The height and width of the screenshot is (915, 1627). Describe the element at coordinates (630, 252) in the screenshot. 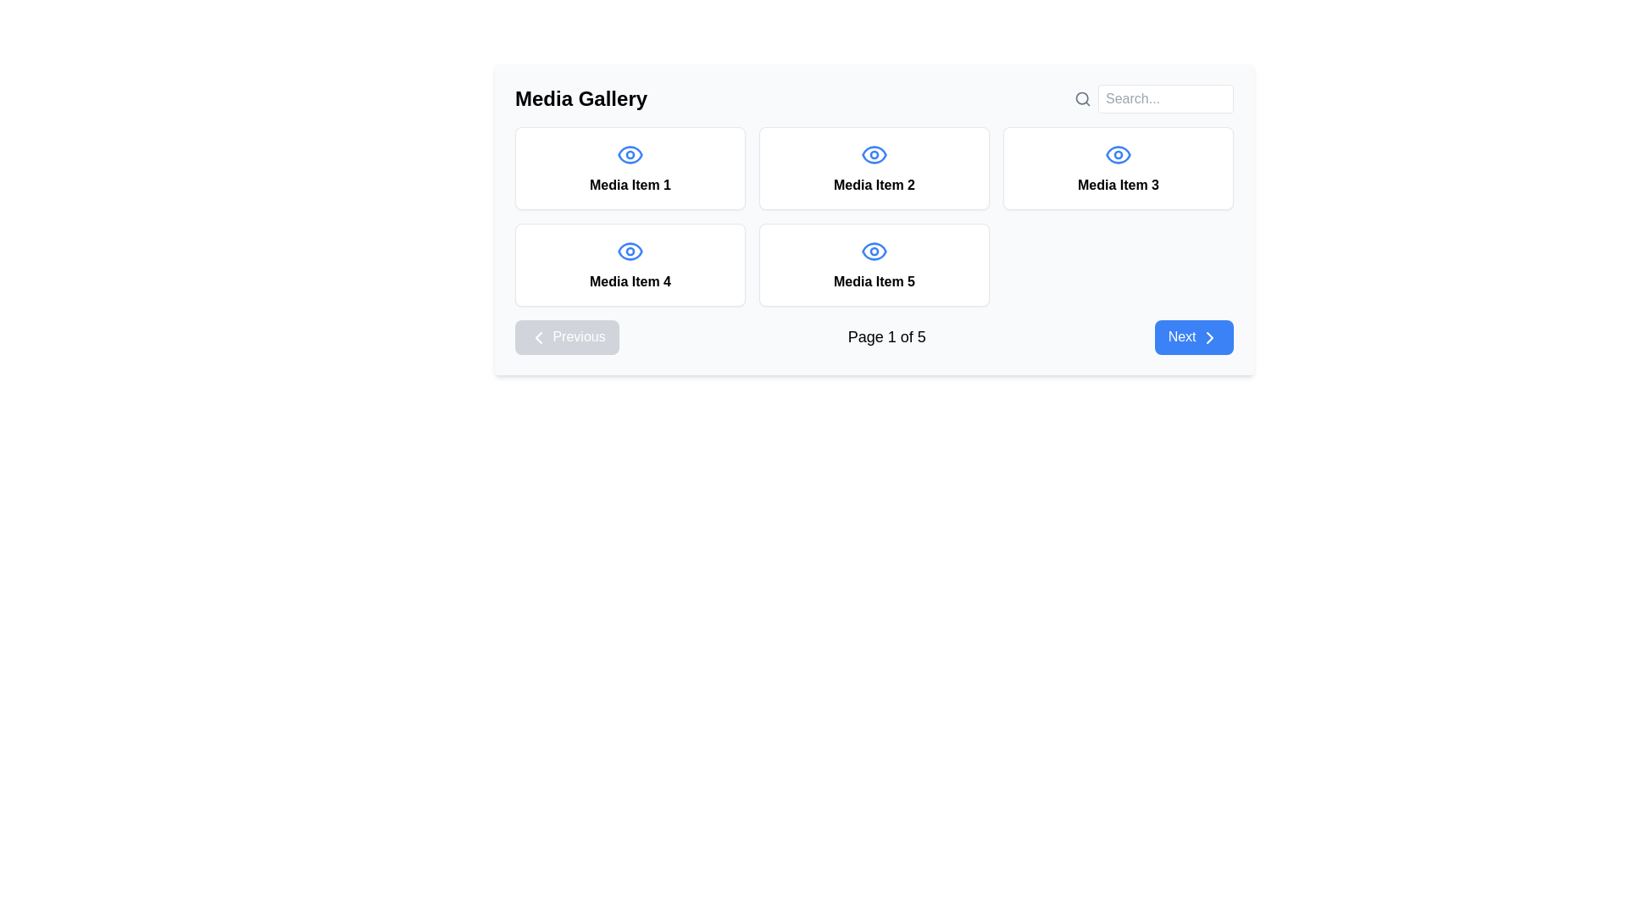

I see `properties of the outer boundary of the eye icon within the 'Media Item 4' card using developer tools` at that location.